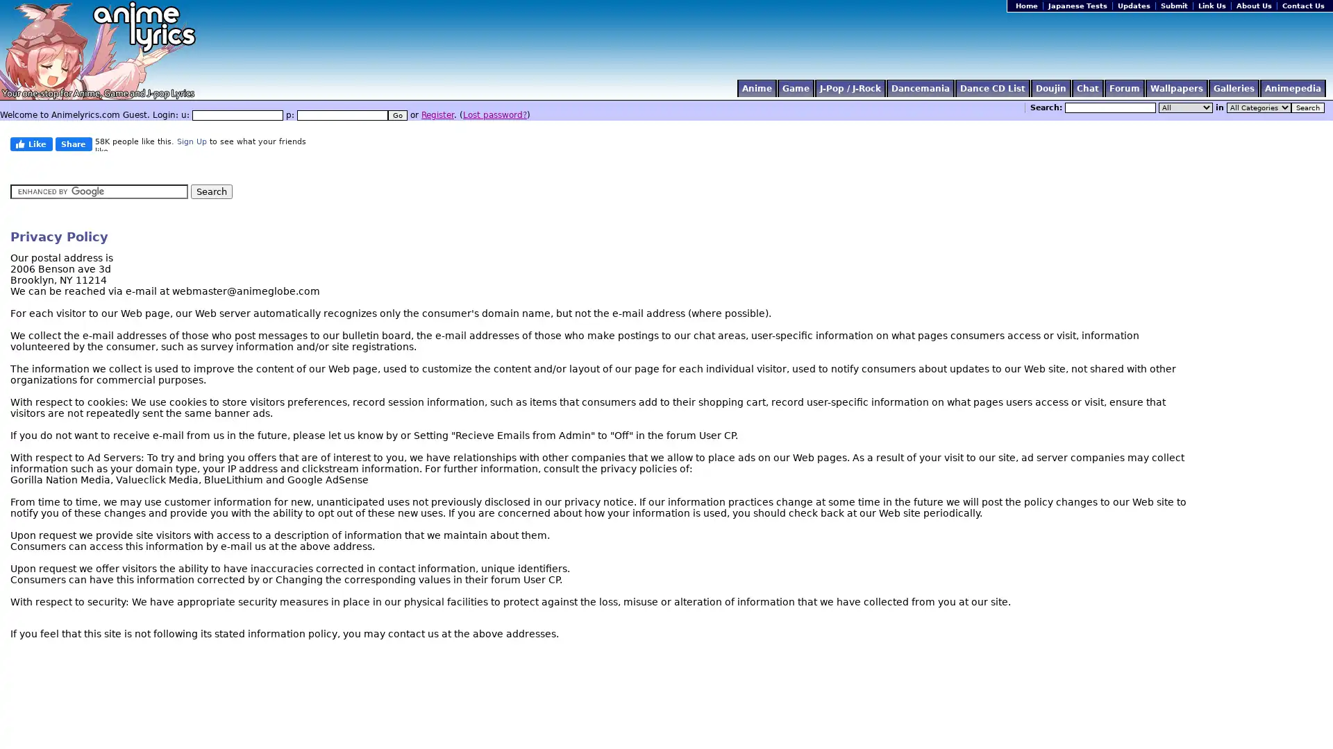  What do you see at coordinates (1307, 107) in the screenshot?
I see `Search` at bounding box center [1307, 107].